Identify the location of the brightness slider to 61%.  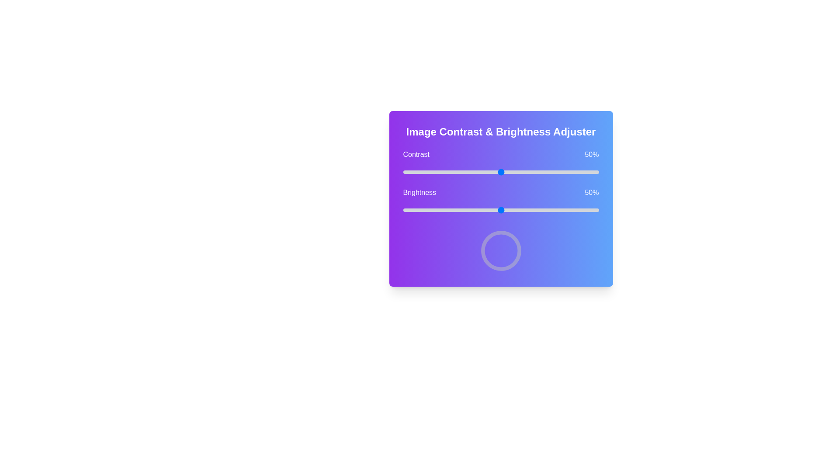
(522, 210).